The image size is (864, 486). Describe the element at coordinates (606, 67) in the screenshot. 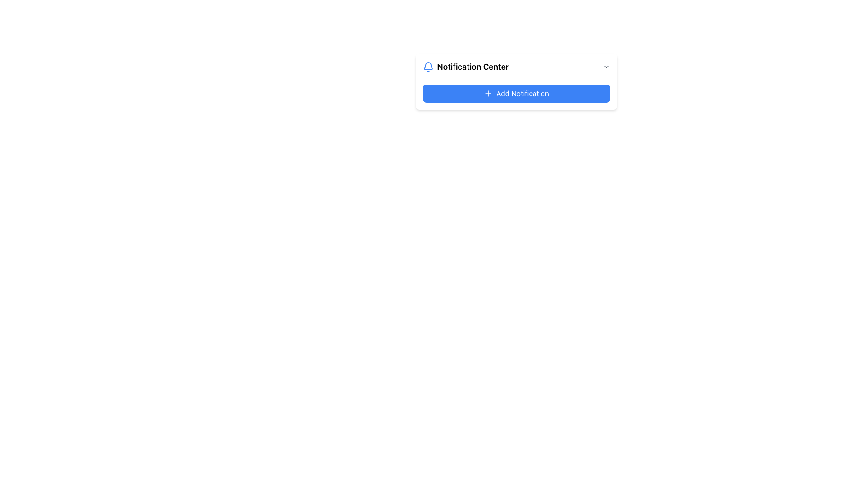

I see `the small, gray downward-pointing chevron icon in the 'Notification Center' header section` at that location.